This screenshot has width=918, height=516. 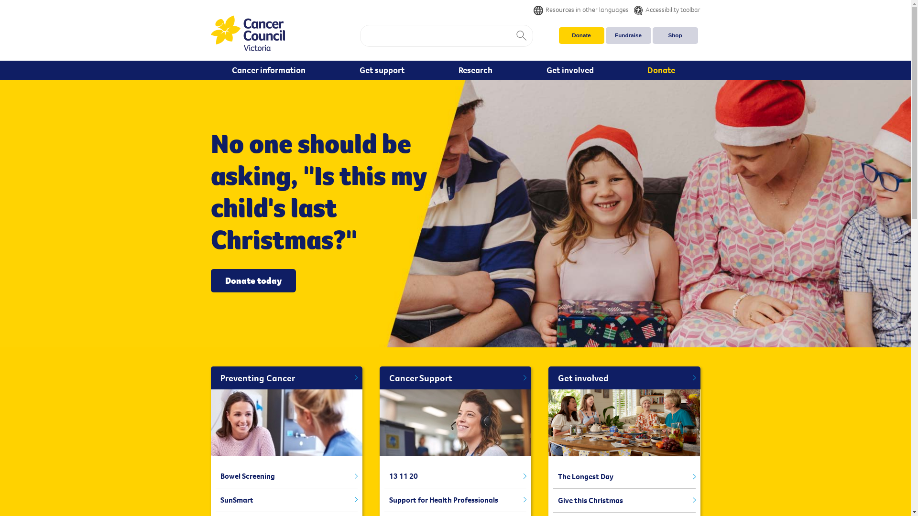 What do you see at coordinates (455, 499) in the screenshot?
I see `'Support for Health Professionals'` at bounding box center [455, 499].